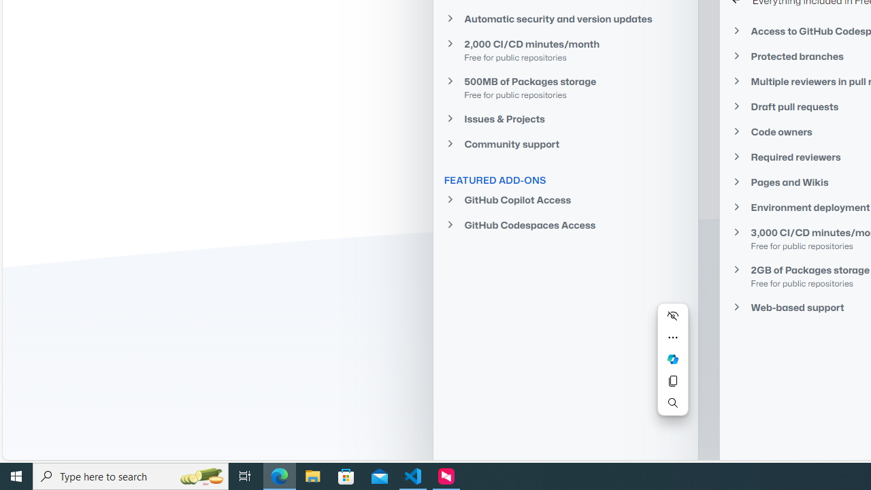 The height and width of the screenshot is (490, 871). Describe the element at coordinates (565, 224) in the screenshot. I see `'GitHub Codespaces Access'` at that location.